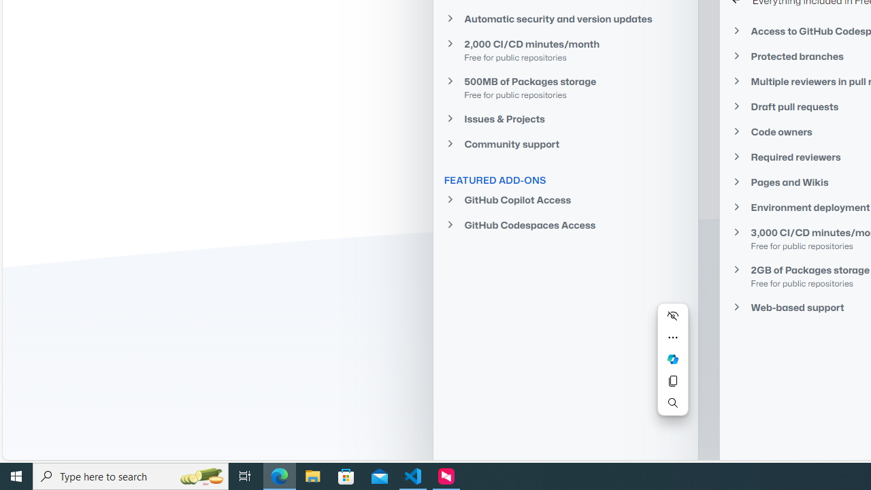 The height and width of the screenshot is (490, 871). Describe the element at coordinates (565, 224) in the screenshot. I see `'GitHub Codespaces Access'` at that location.